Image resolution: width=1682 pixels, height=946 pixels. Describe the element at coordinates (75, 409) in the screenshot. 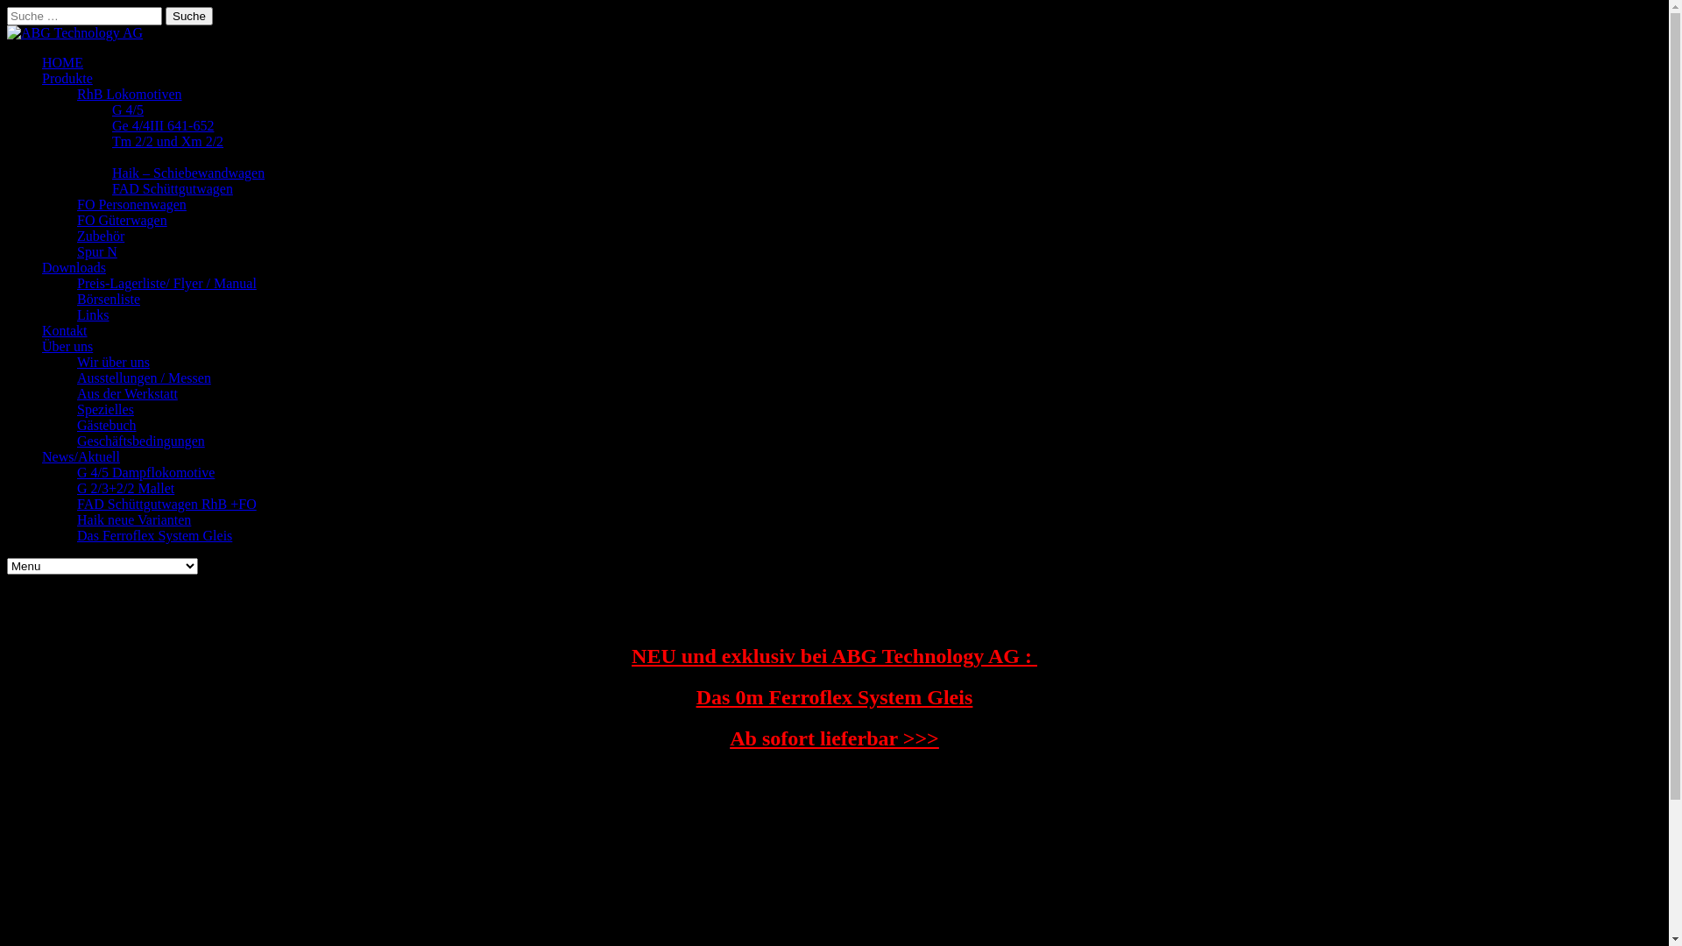

I see `'Spezielles'` at that location.